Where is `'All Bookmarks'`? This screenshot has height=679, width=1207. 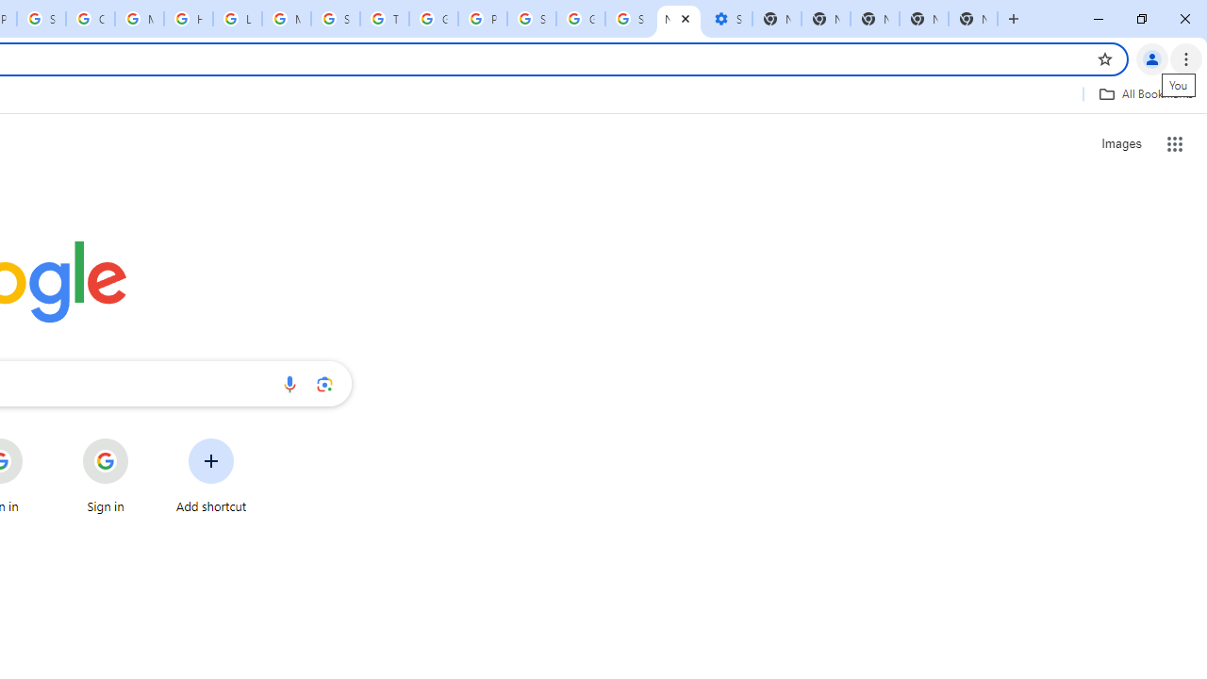 'All Bookmarks' is located at coordinates (1145, 93).